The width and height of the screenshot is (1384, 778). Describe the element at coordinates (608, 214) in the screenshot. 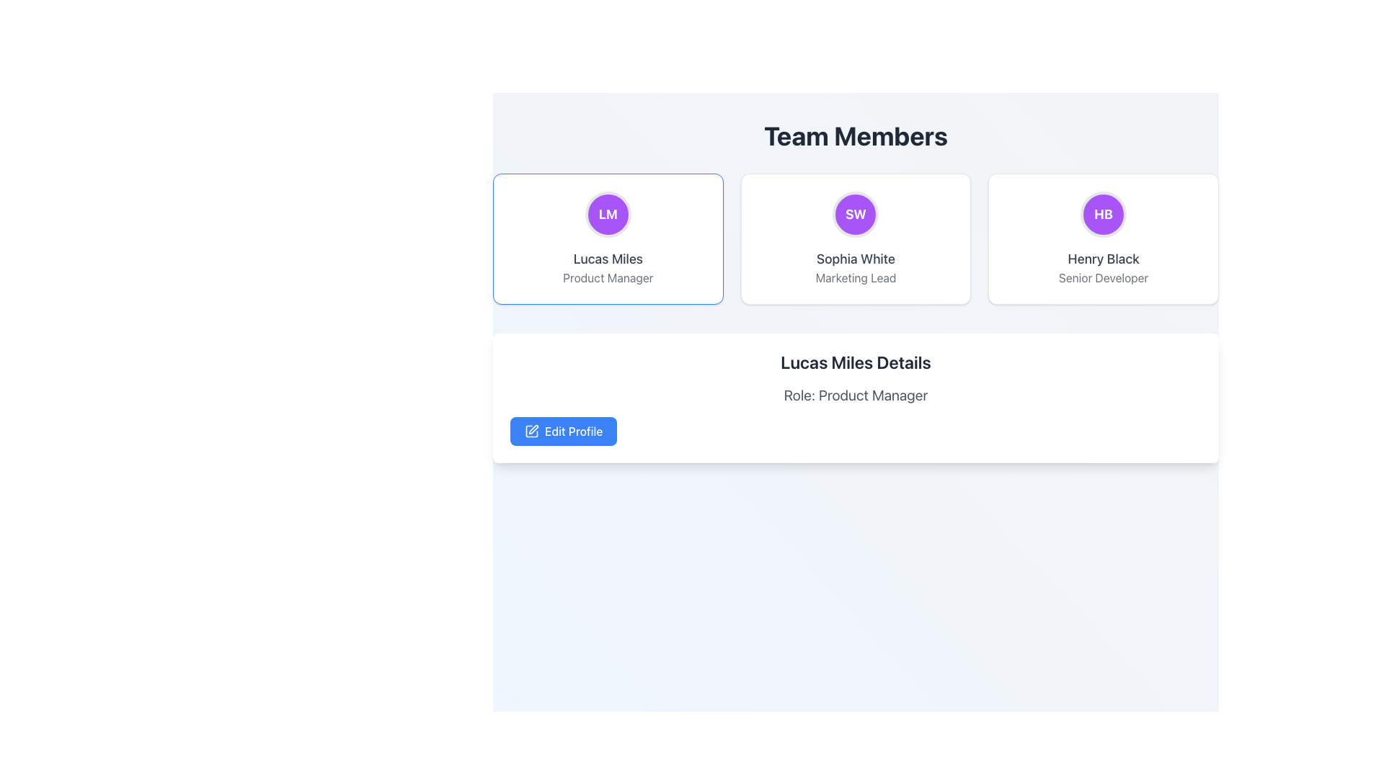

I see `the circular badge icon with a purple background and bold white text 'LM', located in the upper section of the leftmost card representing the profile of 'Lucas Miles'` at that location.